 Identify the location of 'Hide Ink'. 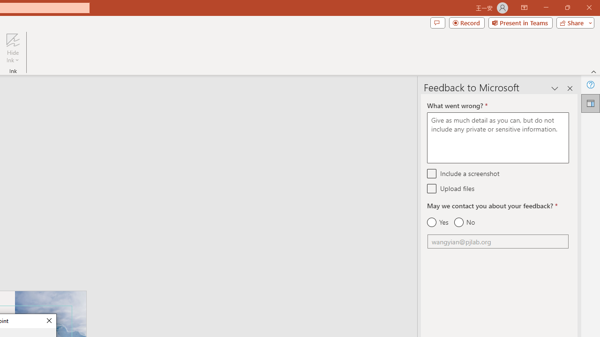
(13, 48).